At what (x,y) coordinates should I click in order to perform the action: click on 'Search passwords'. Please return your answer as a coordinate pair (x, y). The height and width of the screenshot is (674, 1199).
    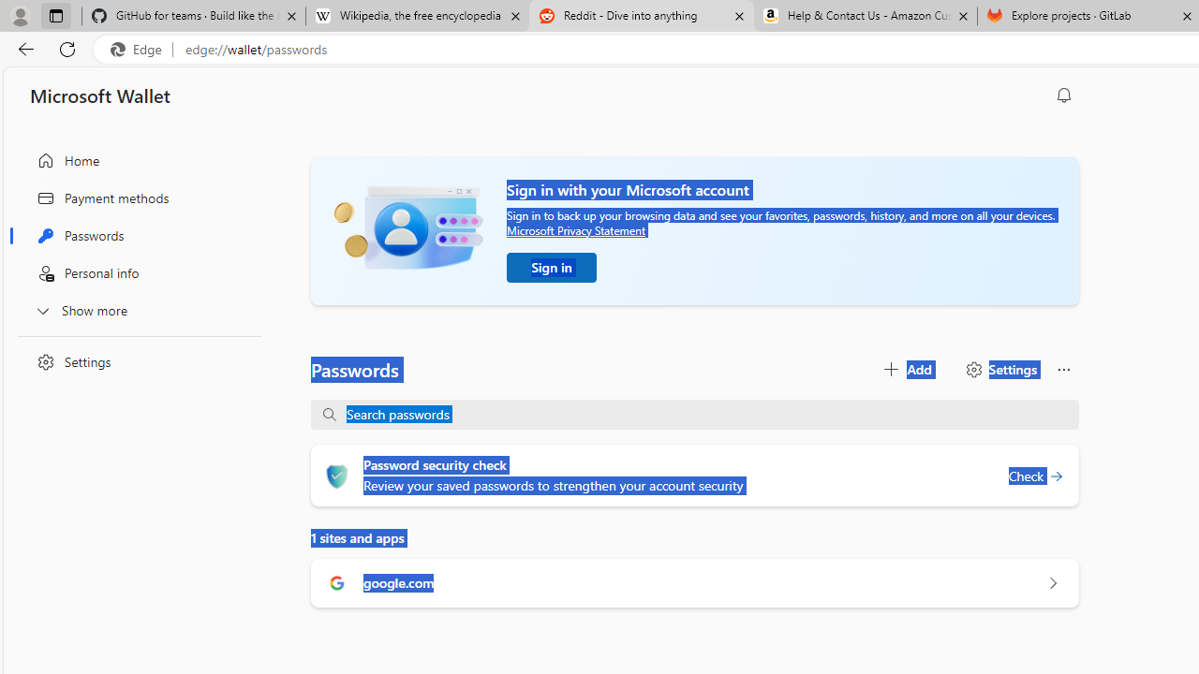
    Looking at the image, I should click on (703, 413).